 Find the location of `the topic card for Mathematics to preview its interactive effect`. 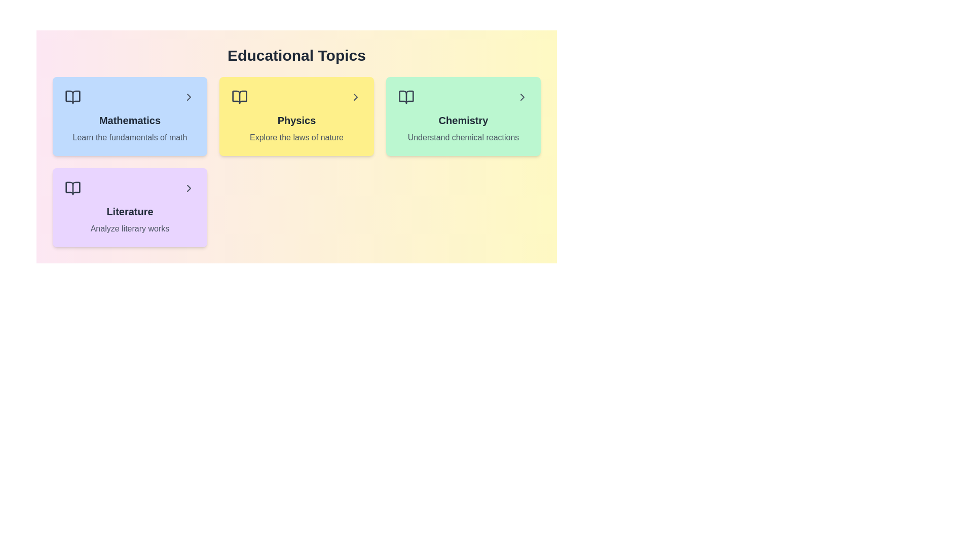

the topic card for Mathematics to preview its interactive effect is located at coordinates (129, 116).